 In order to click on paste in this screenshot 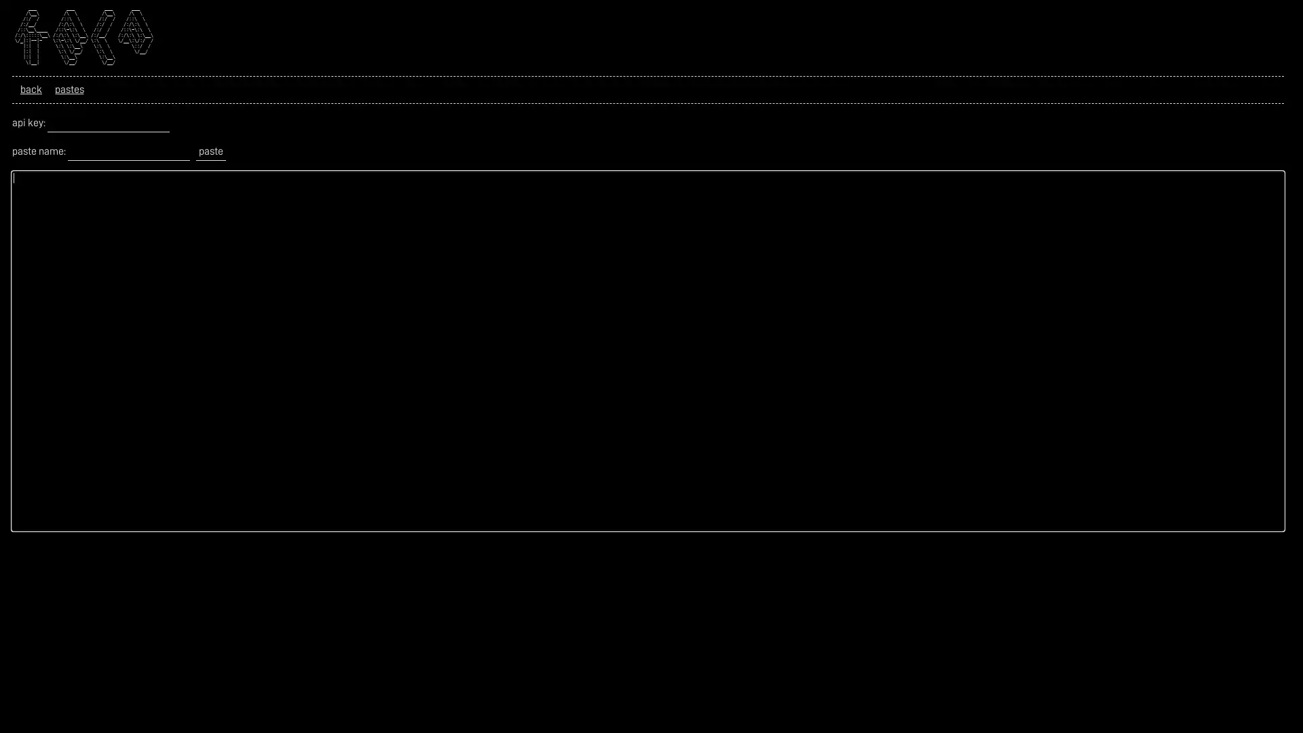, I will do `click(210, 151)`.